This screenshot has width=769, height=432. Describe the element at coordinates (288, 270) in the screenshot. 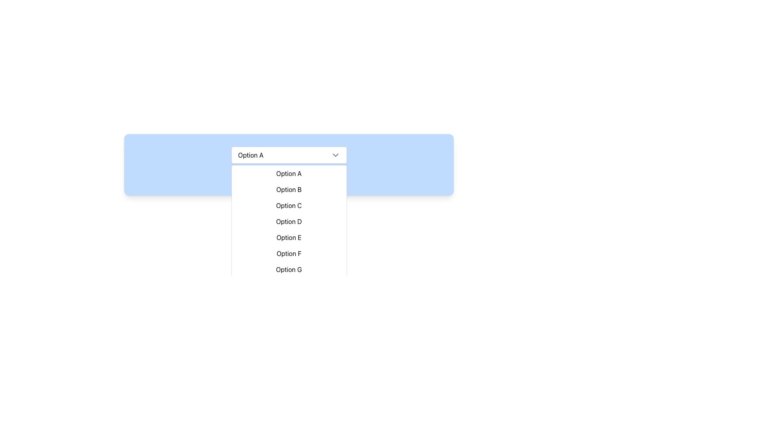

I see `the list item labeled 'Option G' in the dropdown menu` at that location.